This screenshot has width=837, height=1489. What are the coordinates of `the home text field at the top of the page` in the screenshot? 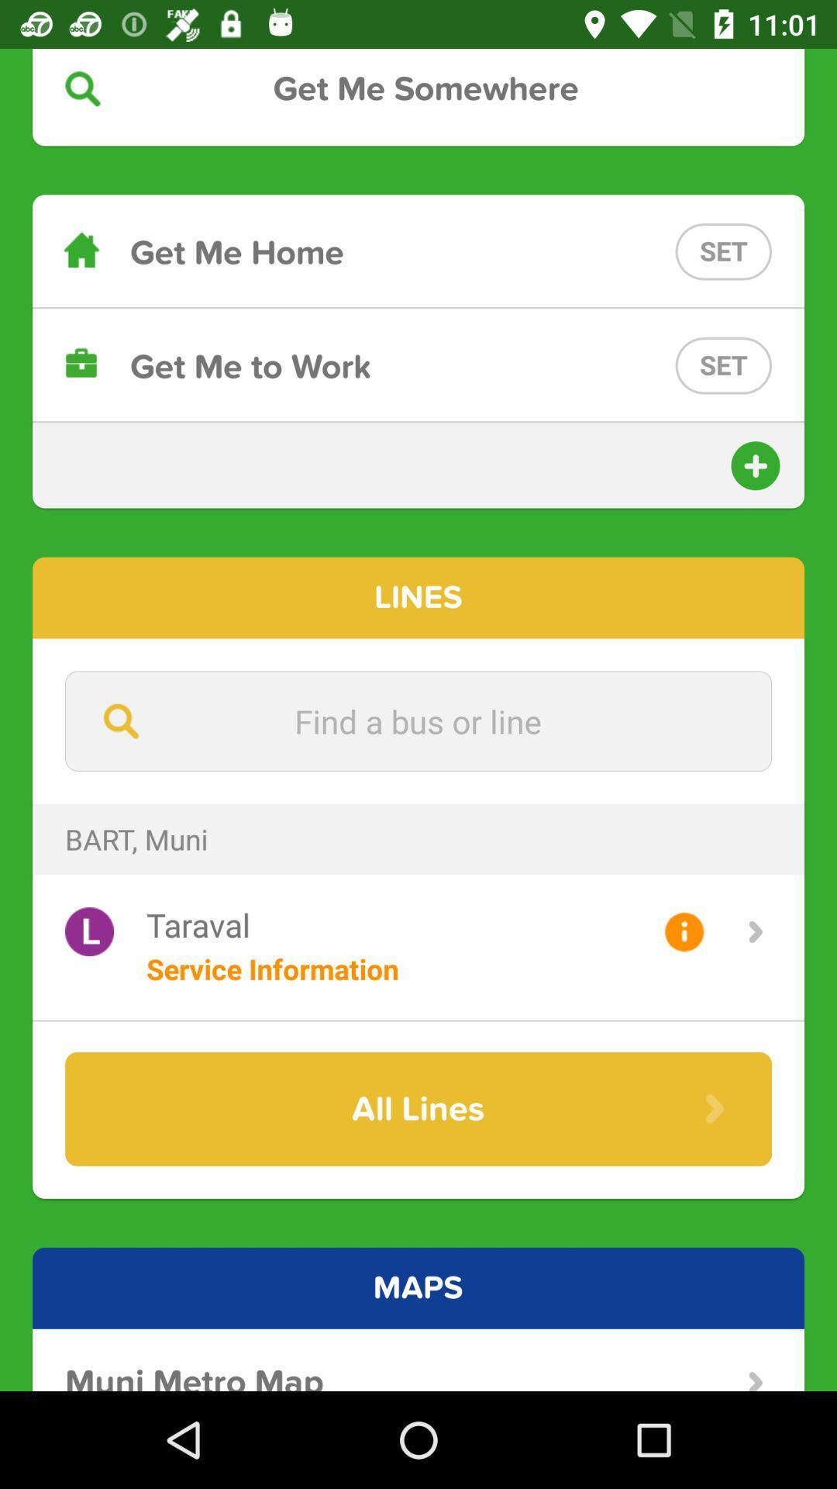 It's located at (418, 251).